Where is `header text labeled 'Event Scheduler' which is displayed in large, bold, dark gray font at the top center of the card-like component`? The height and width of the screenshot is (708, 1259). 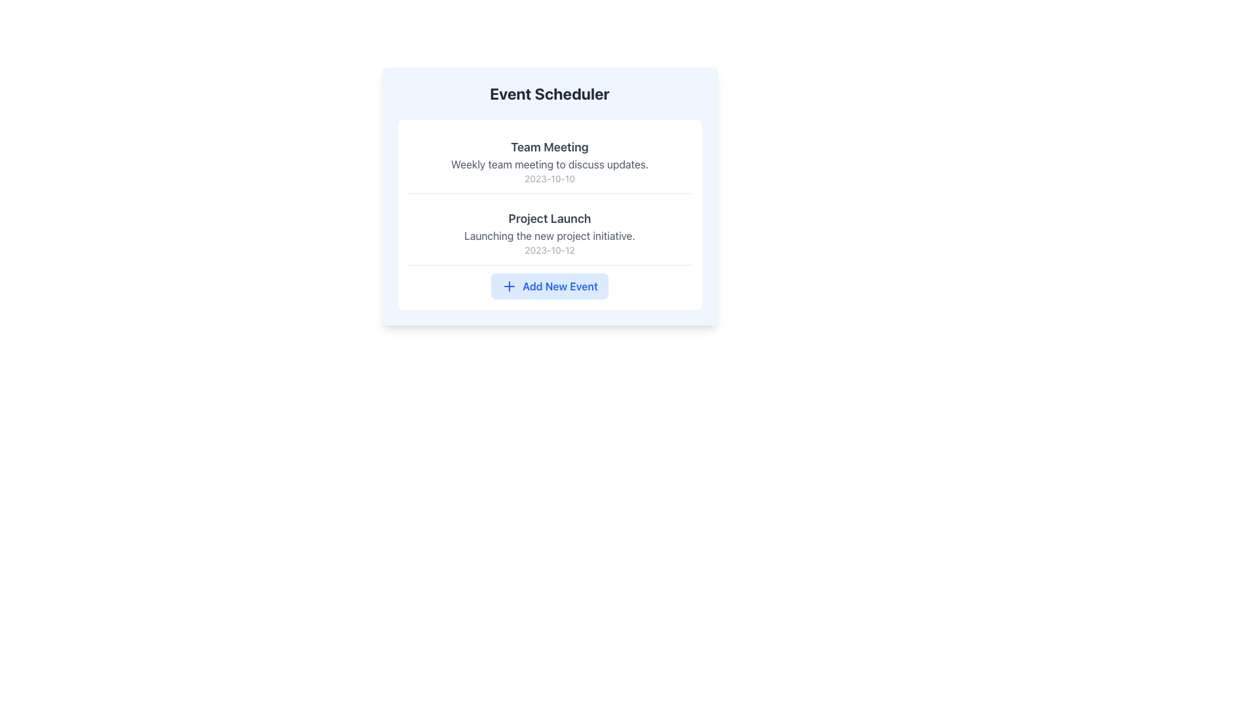
header text labeled 'Event Scheduler' which is displayed in large, bold, dark gray font at the top center of the card-like component is located at coordinates (550, 92).